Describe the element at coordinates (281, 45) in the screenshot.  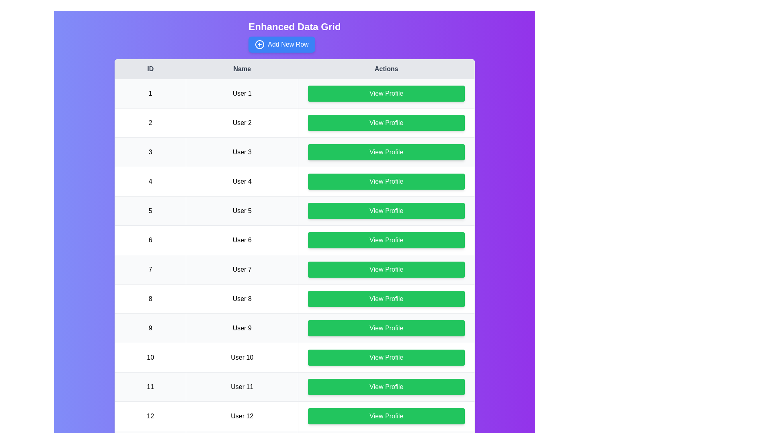
I see `'Add New Row' button` at that location.